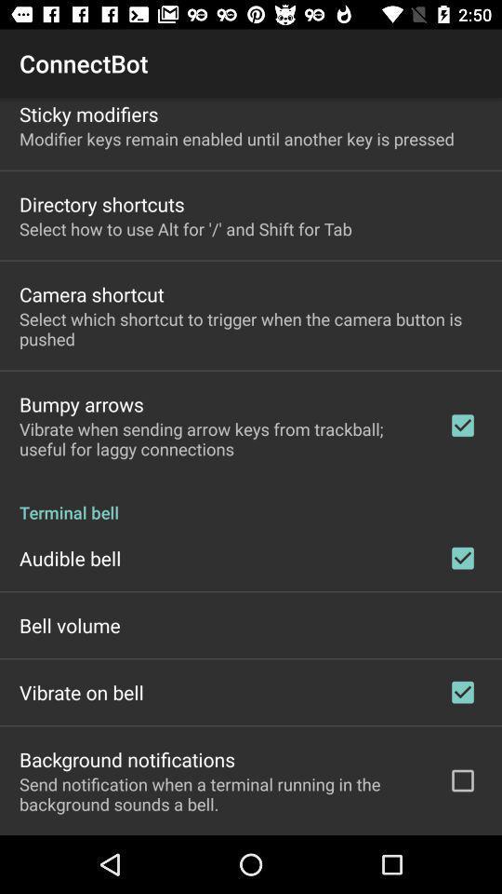 The width and height of the screenshot is (502, 894). I want to click on the app below sticky modifiers icon, so click(236, 138).